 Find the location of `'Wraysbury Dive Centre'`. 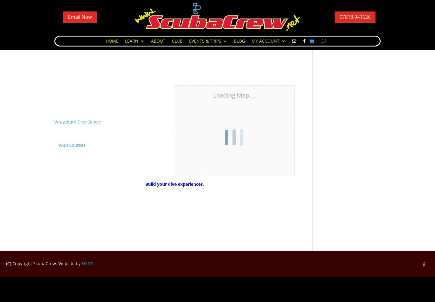

'Wraysbury Dive Centre' is located at coordinates (77, 122).